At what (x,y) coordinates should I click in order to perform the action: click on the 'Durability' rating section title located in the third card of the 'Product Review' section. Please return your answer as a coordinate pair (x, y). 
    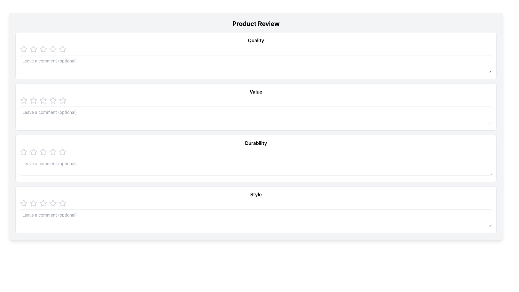
    Looking at the image, I should click on (255, 143).